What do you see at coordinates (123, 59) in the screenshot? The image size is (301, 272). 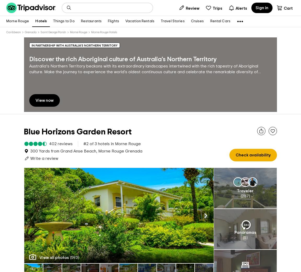 I see `'Discover the 
 rich Aboriginal 
 culture of  Australia's Northern Territory'` at bounding box center [123, 59].